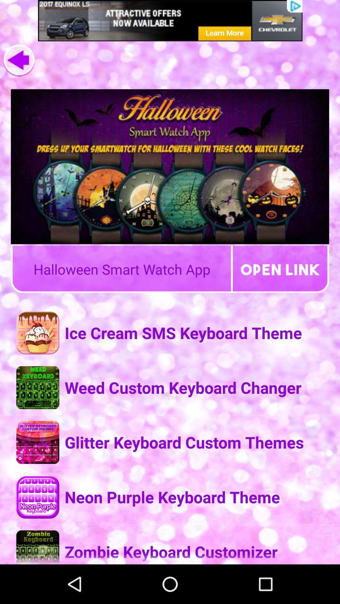 Image resolution: width=340 pixels, height=604 pixels. Describe the element at coordinates (19, 60) in the screenshot. I see `the arrow_backward icon` at that location.